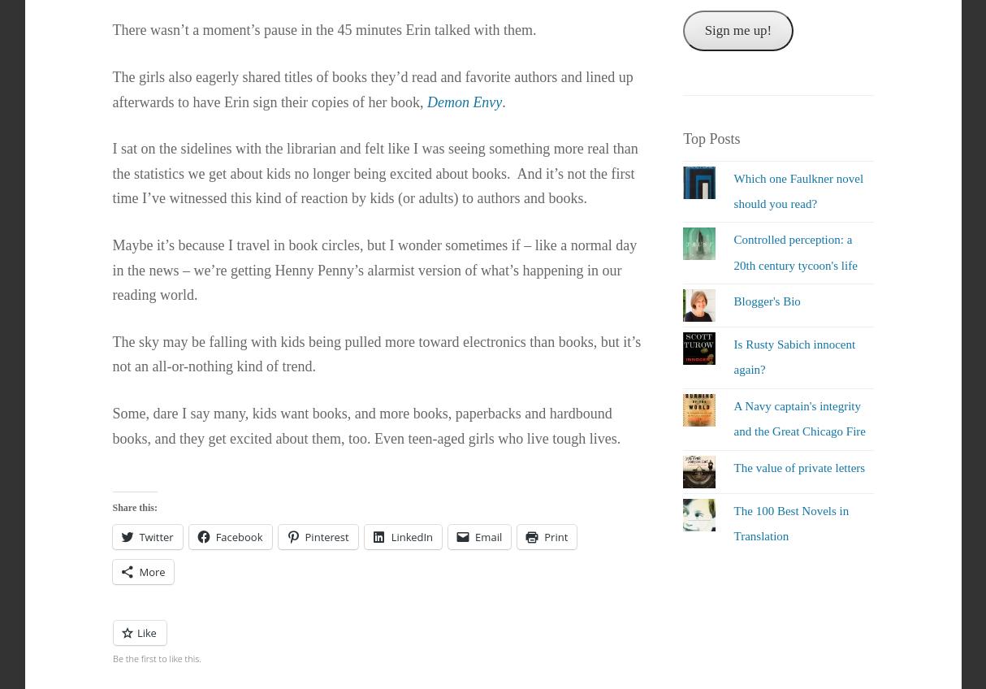 Image resolution: width=986 pixels, height=689 pixels. What do you see at coordinates (798, 466) in the screenshot?
I see `'The value of private letters'` at bounding box center [798, 466].